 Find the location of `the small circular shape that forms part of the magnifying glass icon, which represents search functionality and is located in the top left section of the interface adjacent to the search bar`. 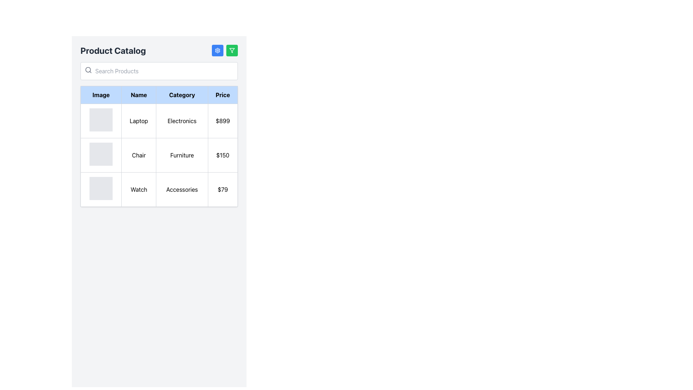

the small circular shape that forms part of the magnifying glass icon, which represents search functionality and is located in the top left section of the interface adjacent to the search bar is located at coordinates (88, 70).